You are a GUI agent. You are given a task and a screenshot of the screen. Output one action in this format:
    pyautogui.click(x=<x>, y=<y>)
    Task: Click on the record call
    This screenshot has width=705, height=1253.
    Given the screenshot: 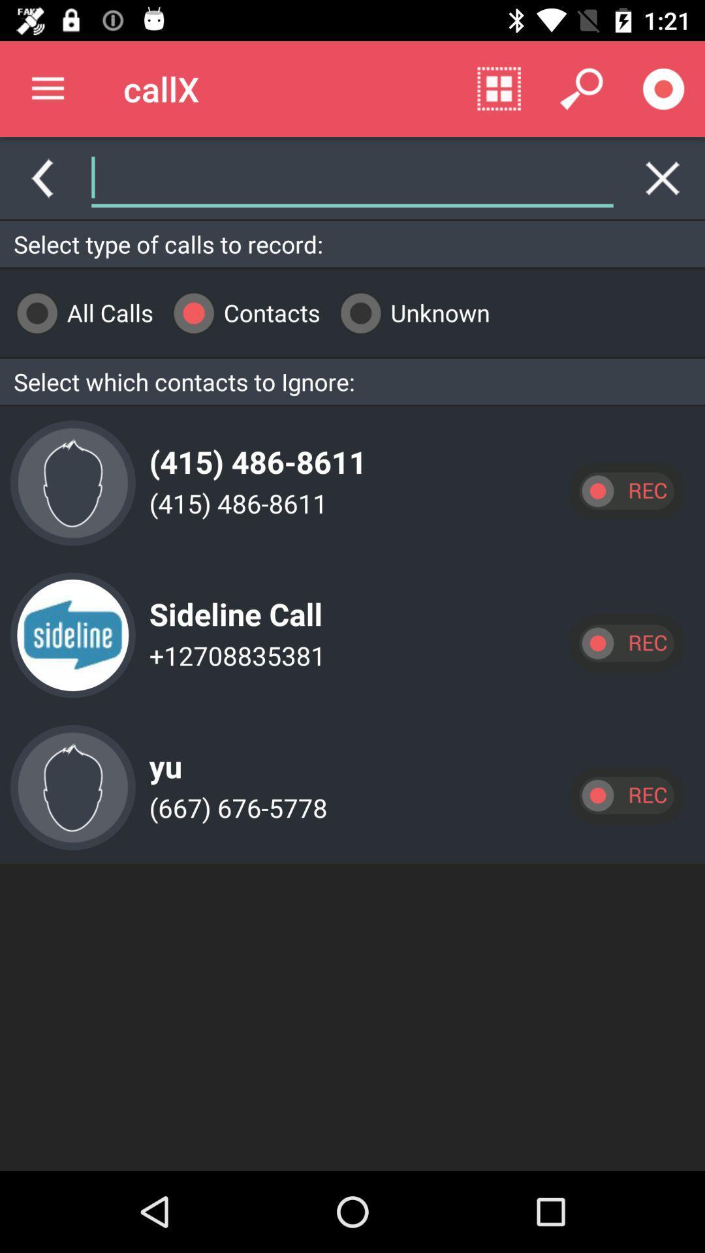 What is the action you would take?
    pyautogui.click(x=664, y=88)
    